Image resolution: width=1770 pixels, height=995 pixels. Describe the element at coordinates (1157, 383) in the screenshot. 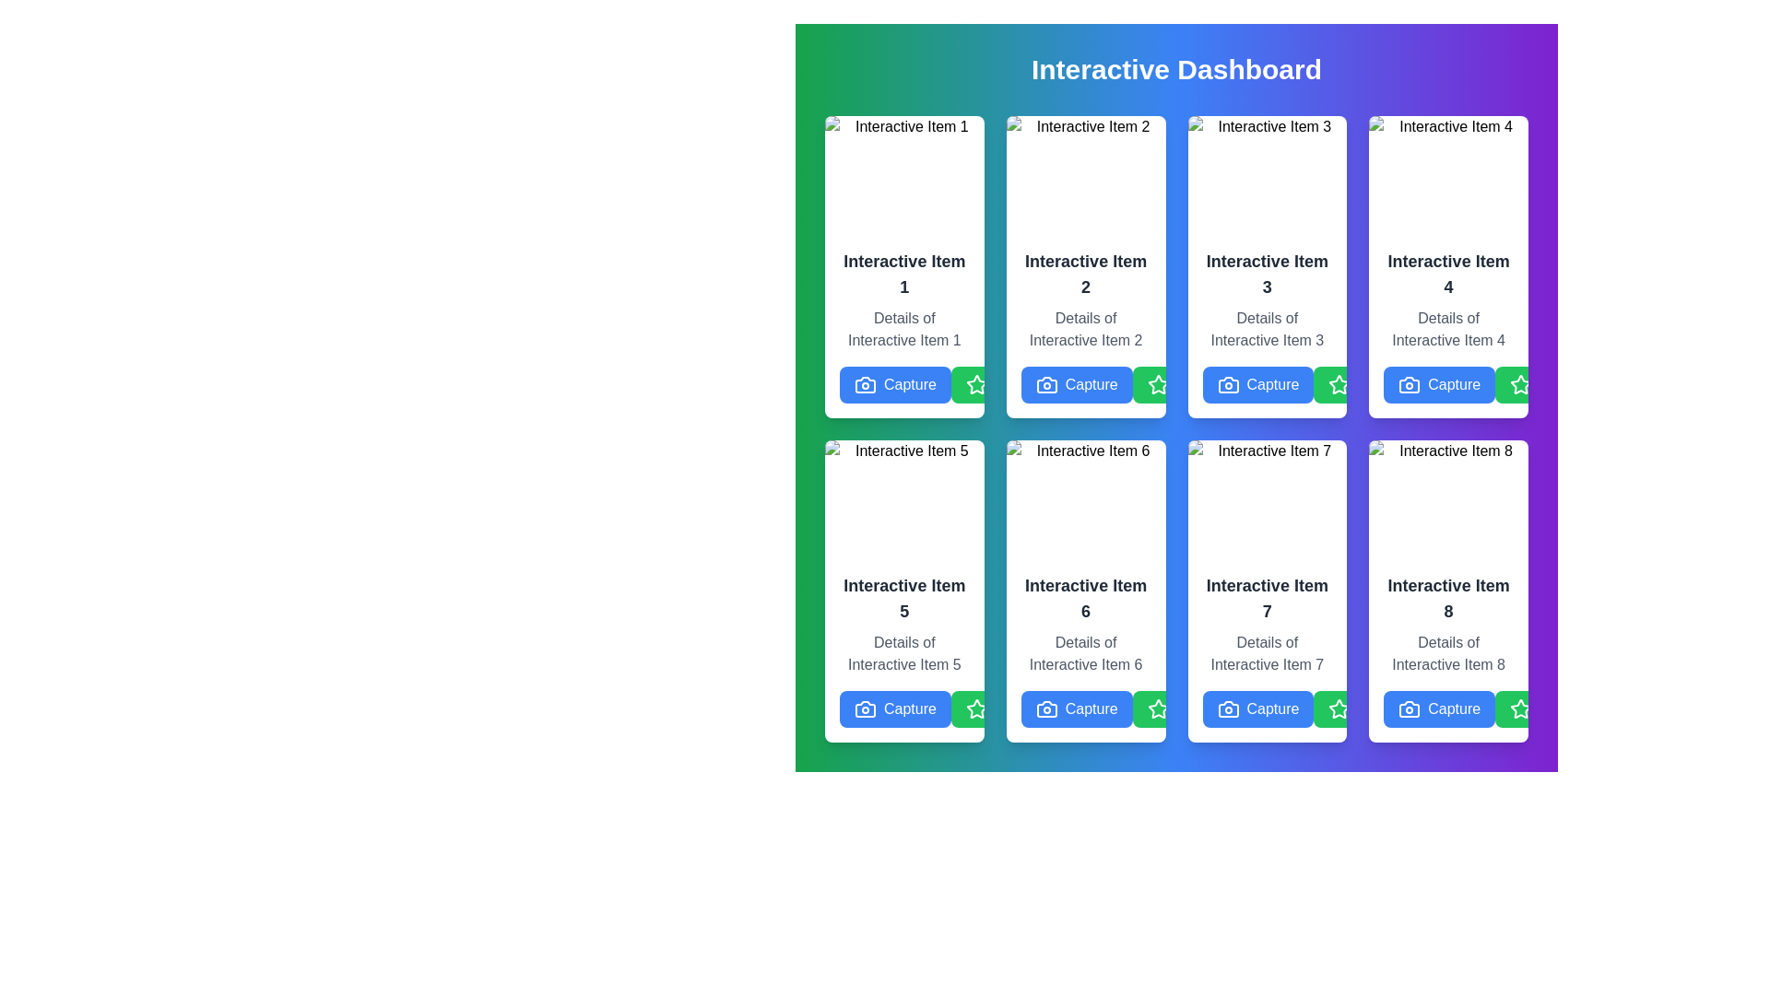

I see `the toggle button styled as an interactive icon located in the lower-right corner of the second card in the top row of the interactive grid layout` at that location.